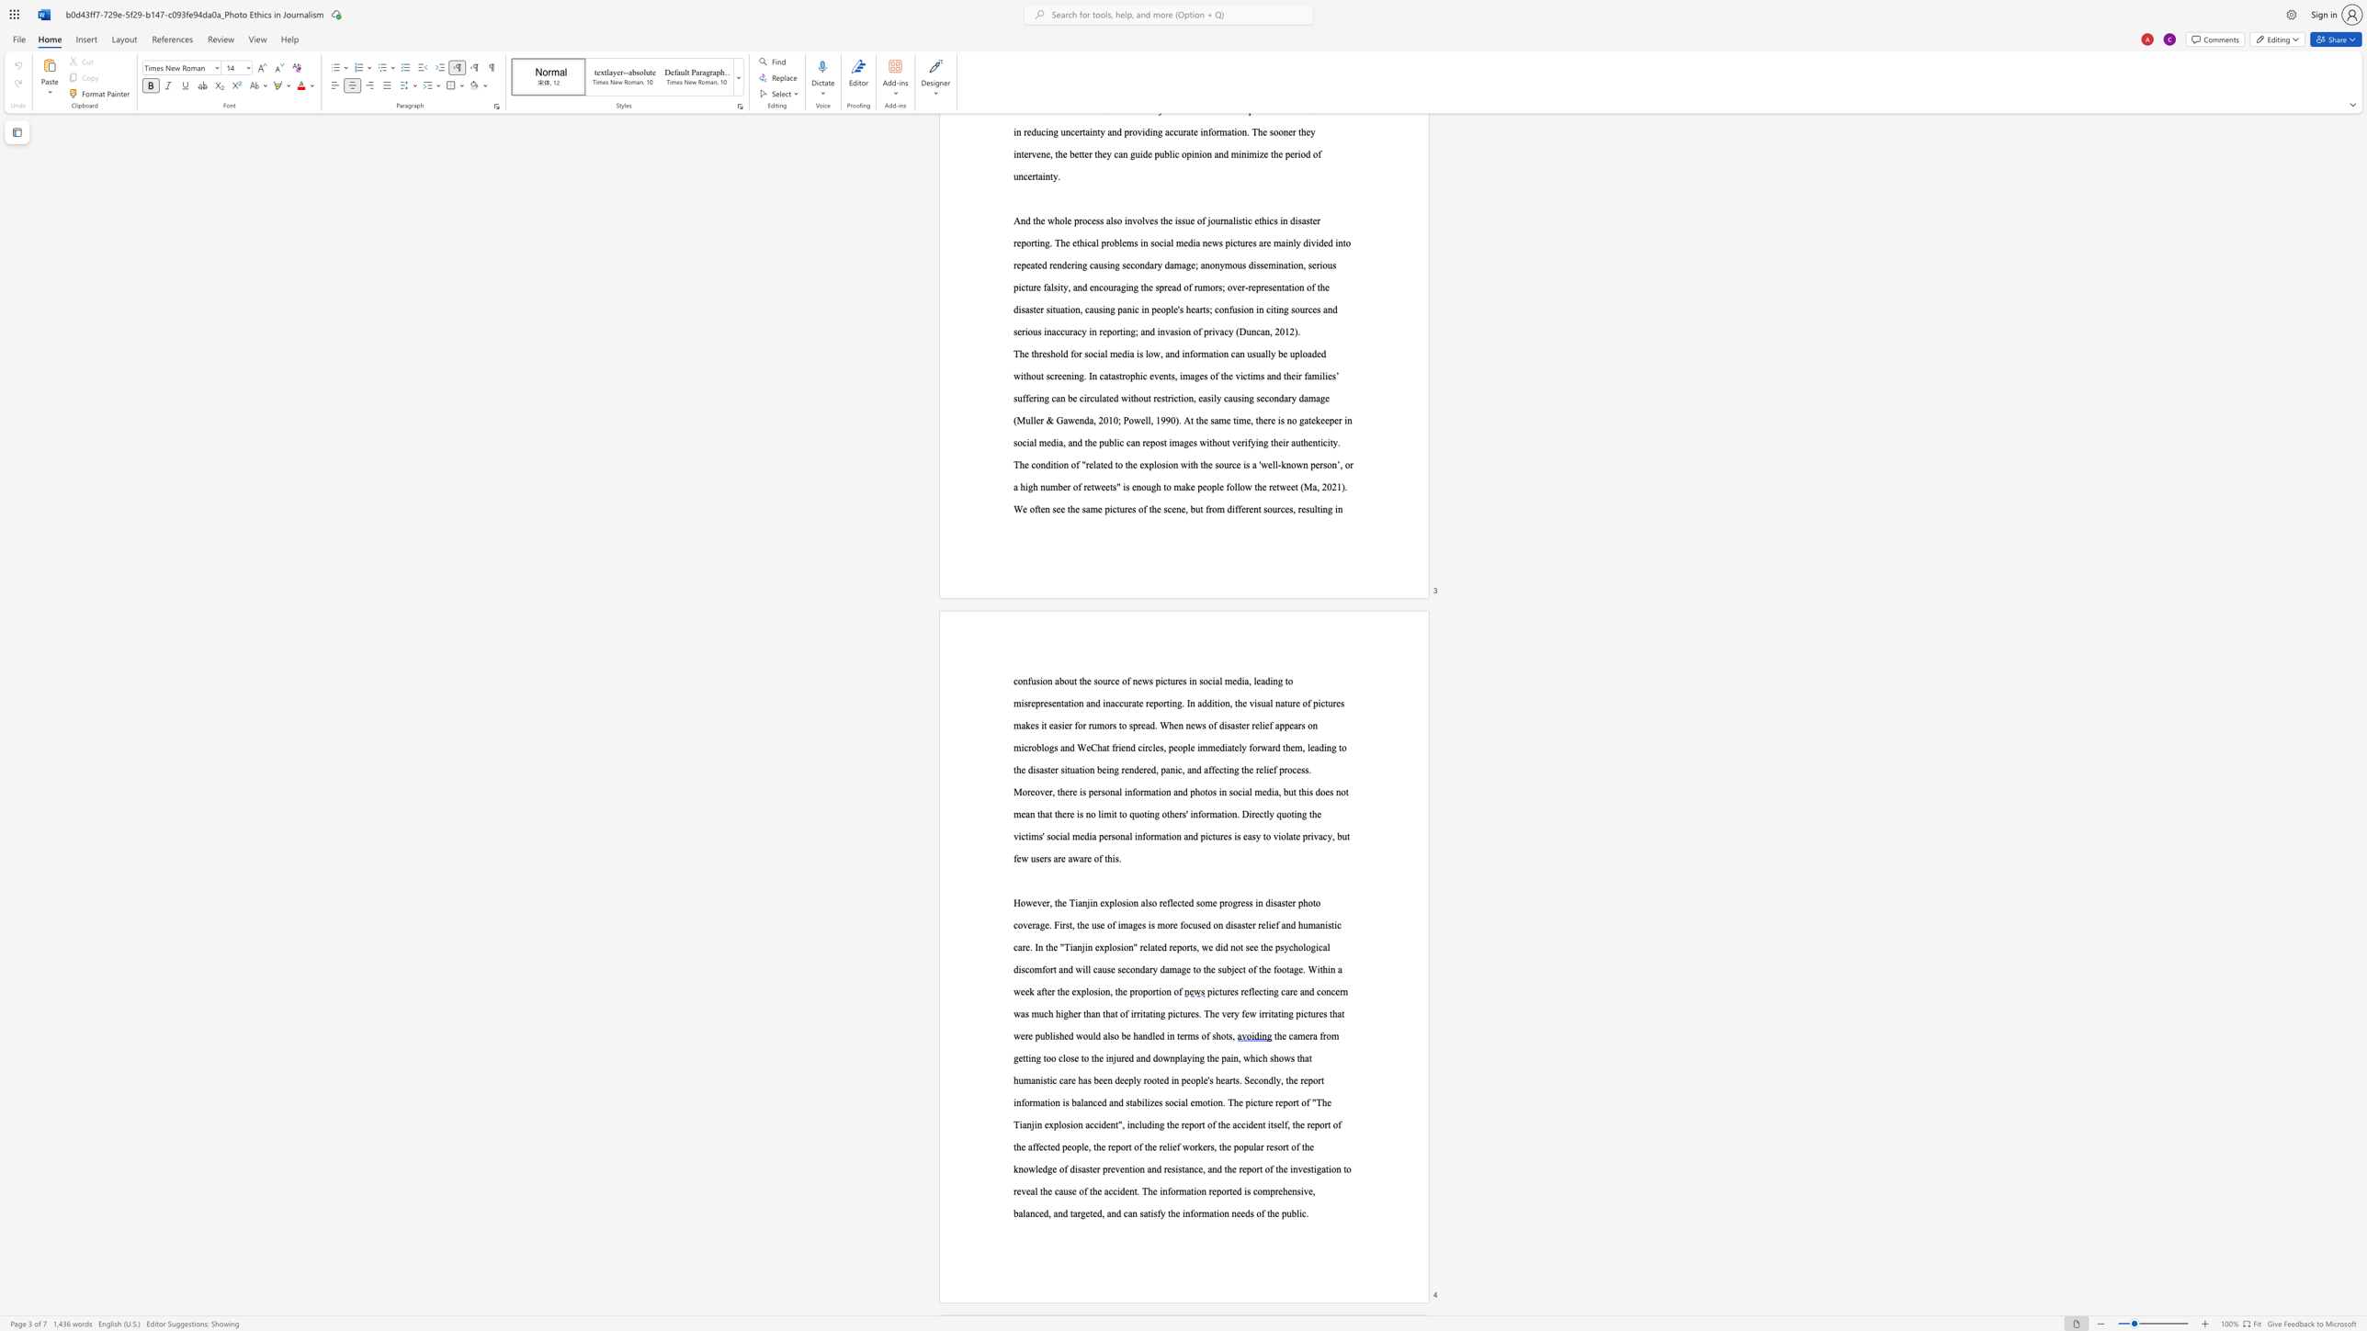 This screenshot has width=2367, height=1331. I want to click on the subset text "humanistic care. In the" within the text "However, the Tianjin explosion also reflected some progress in disaster photo coverage. First, the use of images is more focused on disaster relief and humanistic care. In the", so click(1297, 924).